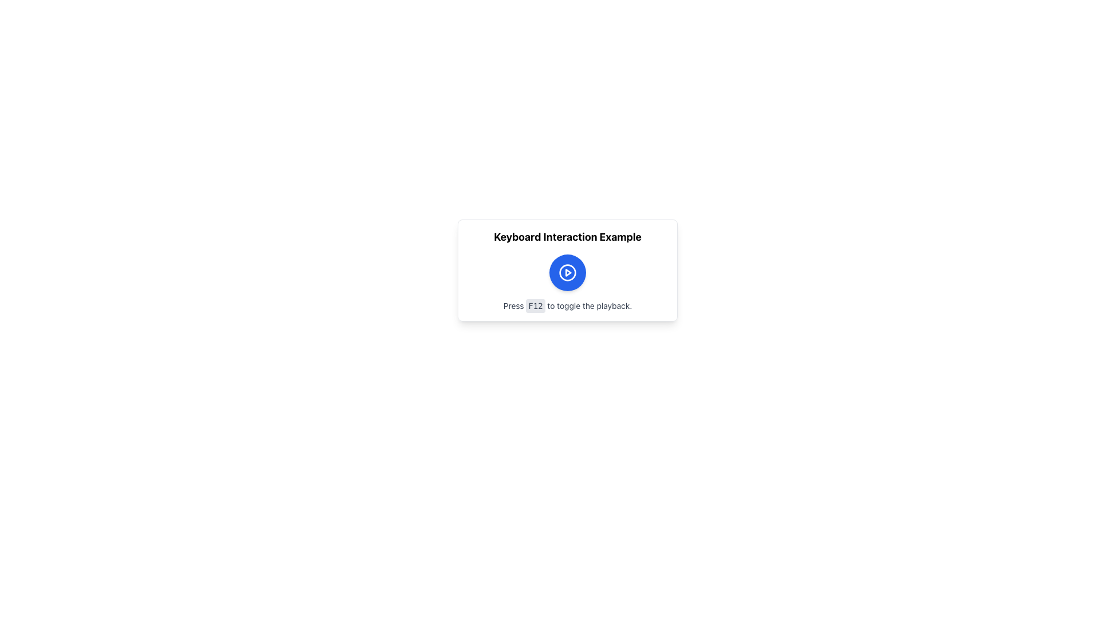 The image size is (1100, 619). Describe the element at coordinates (568, 272) in the screenshot. I see `the triangular graphical icon that is located at the center of a circular button, which is centrally positioned in the interface` at that location.